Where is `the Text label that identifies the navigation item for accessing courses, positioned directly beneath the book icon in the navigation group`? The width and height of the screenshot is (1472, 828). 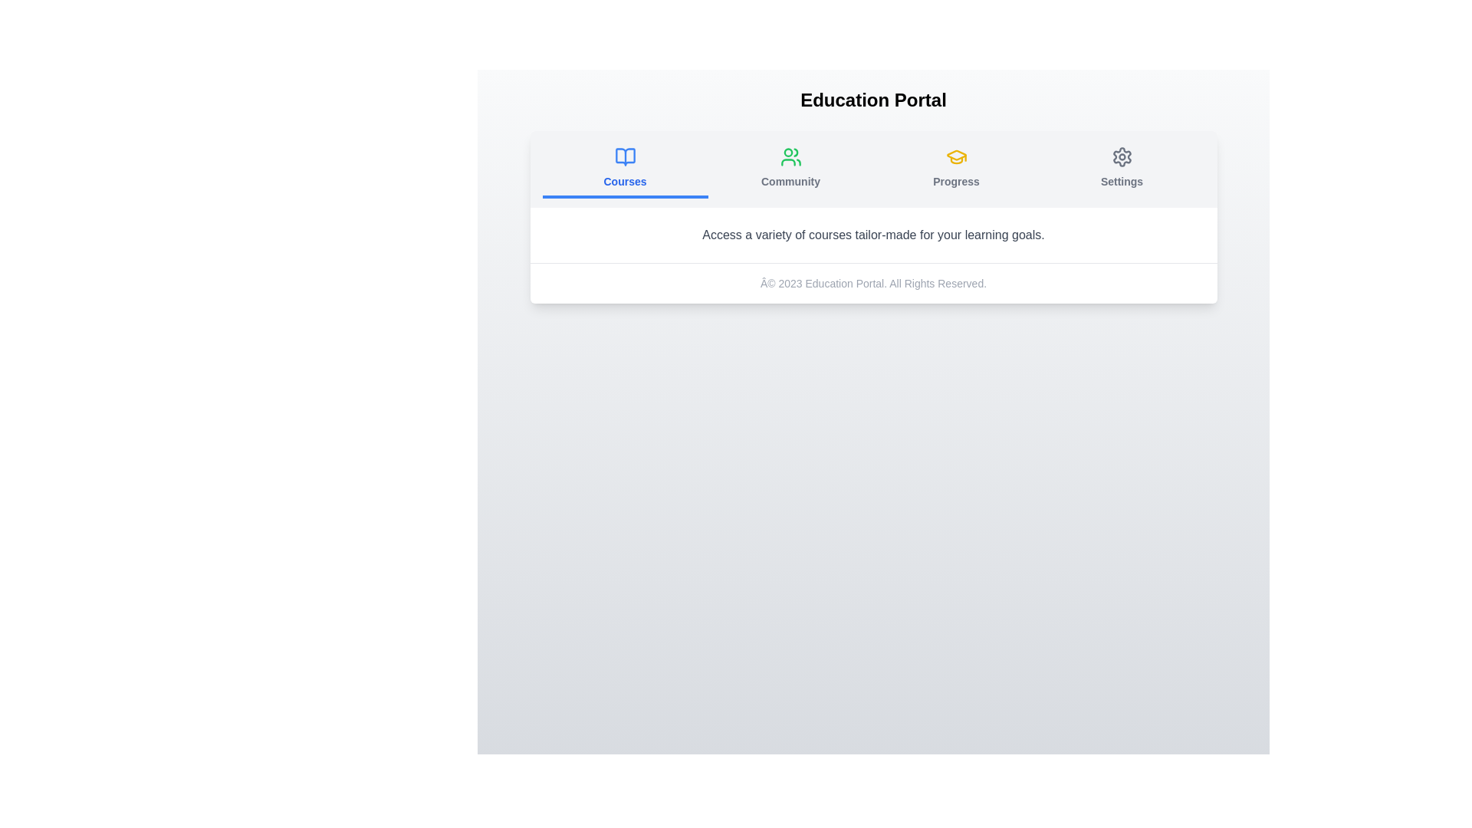
the Text label that identifies the navigation item for accessing courses, positioned directly beneath the book icon in the navigation group is located at coordinates (625, 180).